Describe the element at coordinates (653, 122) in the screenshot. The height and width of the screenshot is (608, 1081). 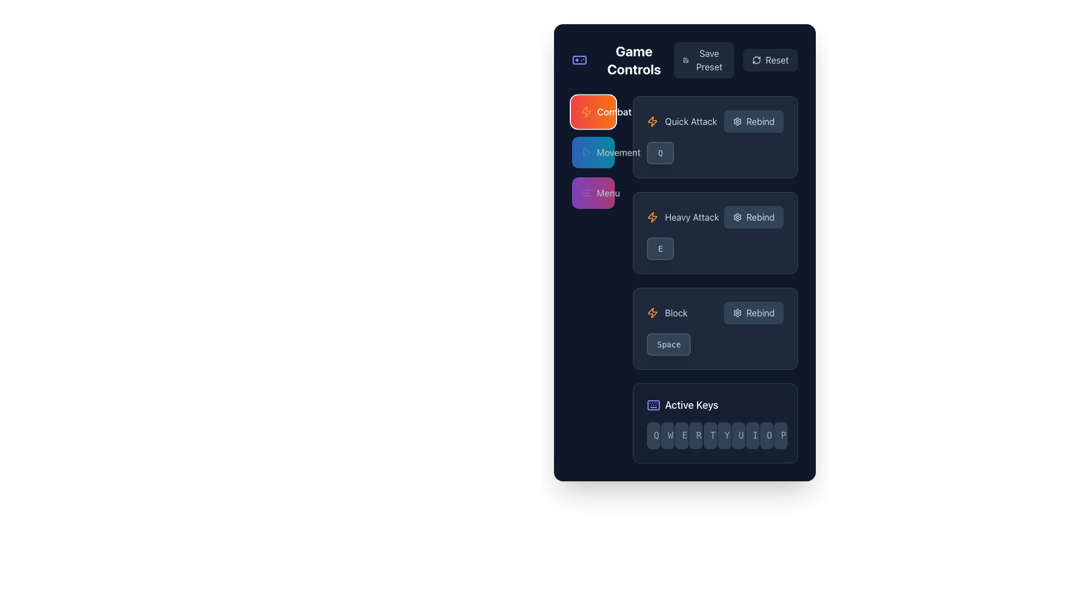
I see `the small orange lightning bolt icon with sharp strokes and rounded joins, located to the left of the 'Quick Attack' text` at that location.